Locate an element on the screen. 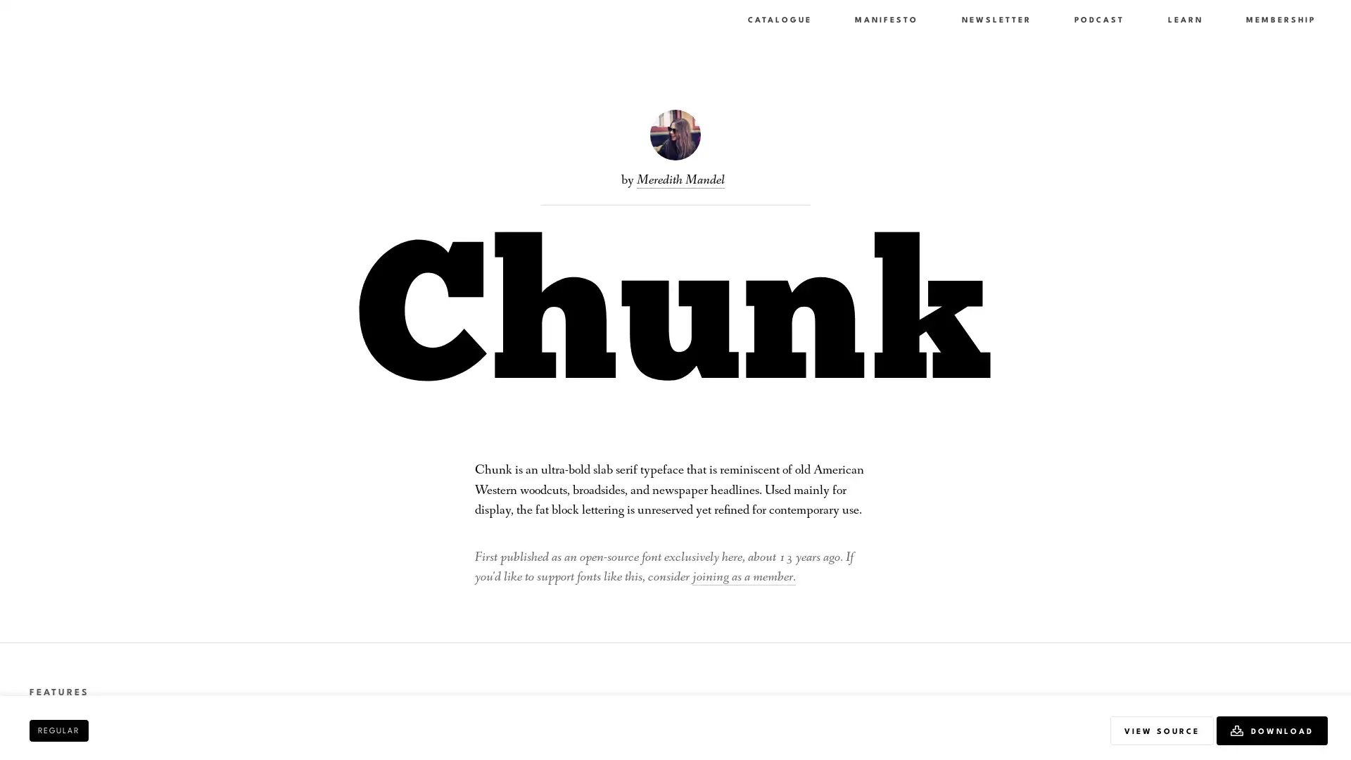 This screenshot has height=760, width=1351. REGULAR is located at coordinates (58, 729).